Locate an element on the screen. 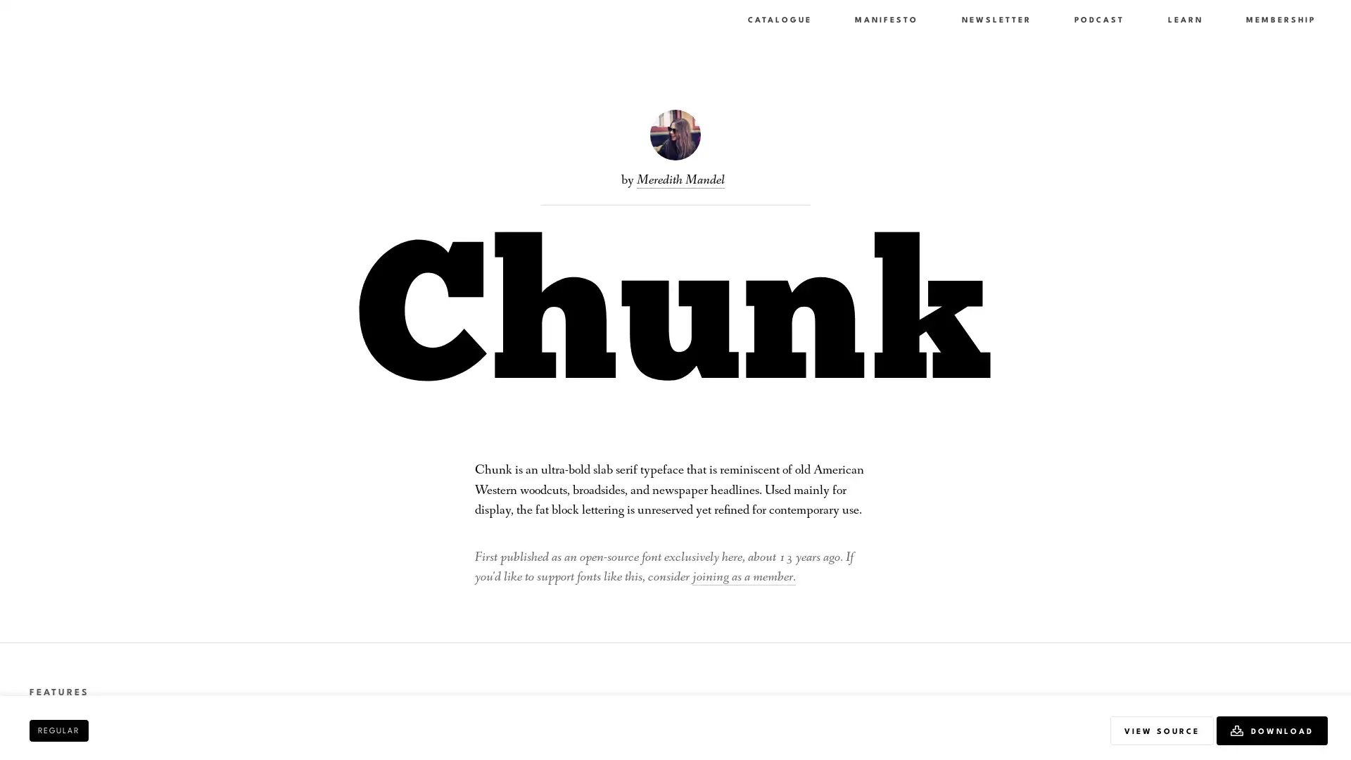 This screenshot has height=760, width=1351. REGULAR is located at coordinates (58, 729).